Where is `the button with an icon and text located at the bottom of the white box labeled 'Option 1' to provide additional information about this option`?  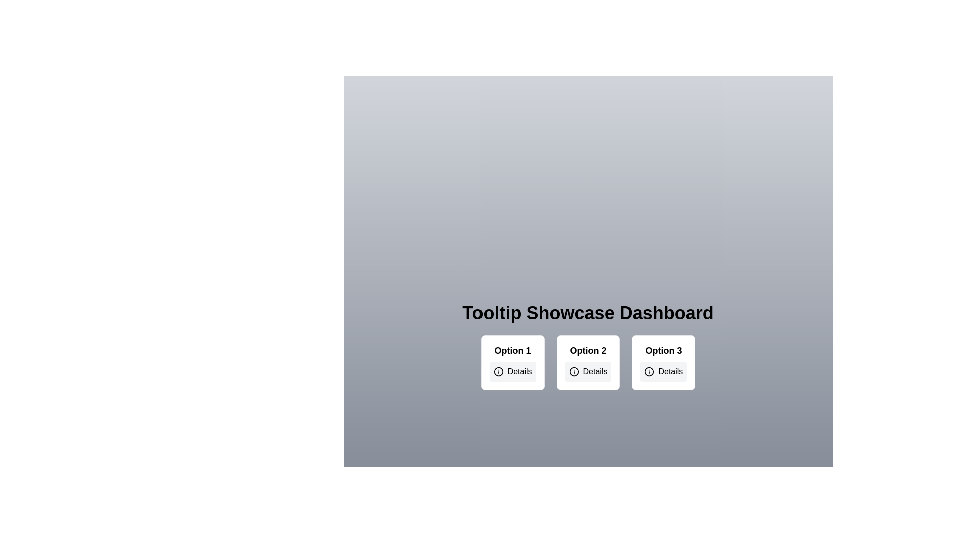
the button with an icon and text located at the bottom of the white box labeled 'Option 1' to provide additional information about this option is located at coordinates (513, 371).